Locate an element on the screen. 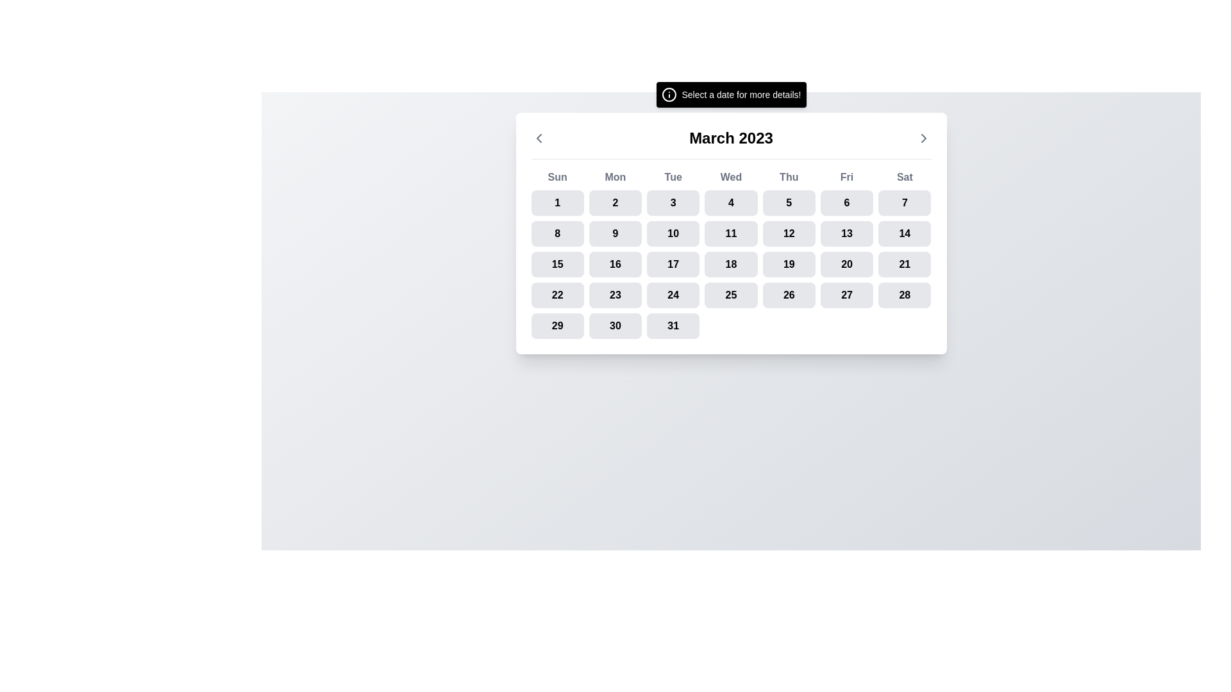  the 'Fri' text label in the header of the calendar layout, which is styled in gray and centered within the sixth column of weekday labels is located at coordinates (847, 177).